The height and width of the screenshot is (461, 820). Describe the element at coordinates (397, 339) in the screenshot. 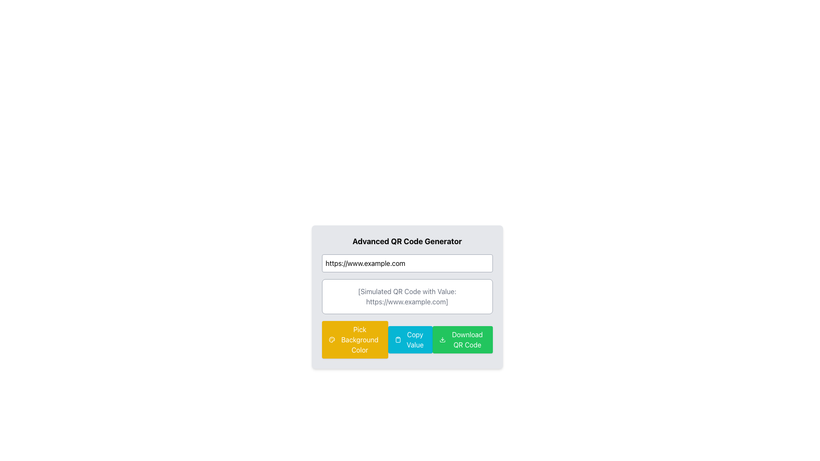

I see `the clipboard icon within the 'Copy Value' button located at the bottom of the interface` at that location.